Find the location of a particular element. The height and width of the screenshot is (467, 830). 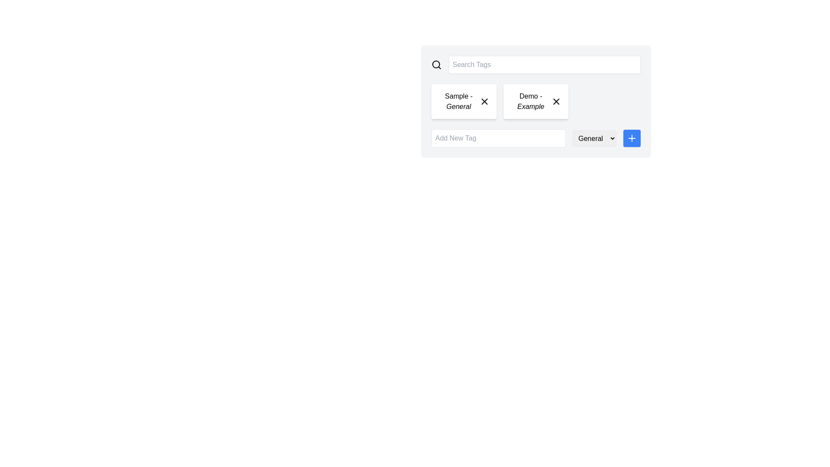

the delete icon (X) of the Tag element labeled 'Demo - Example' is located at coordinates (535, 101).